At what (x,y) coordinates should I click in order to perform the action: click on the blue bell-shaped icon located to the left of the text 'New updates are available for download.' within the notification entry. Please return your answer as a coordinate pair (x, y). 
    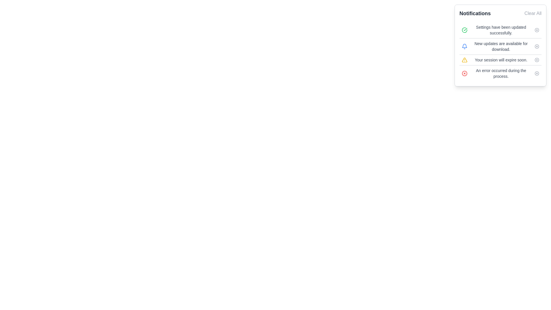
    Looking at the image, I should click on (464, 46).